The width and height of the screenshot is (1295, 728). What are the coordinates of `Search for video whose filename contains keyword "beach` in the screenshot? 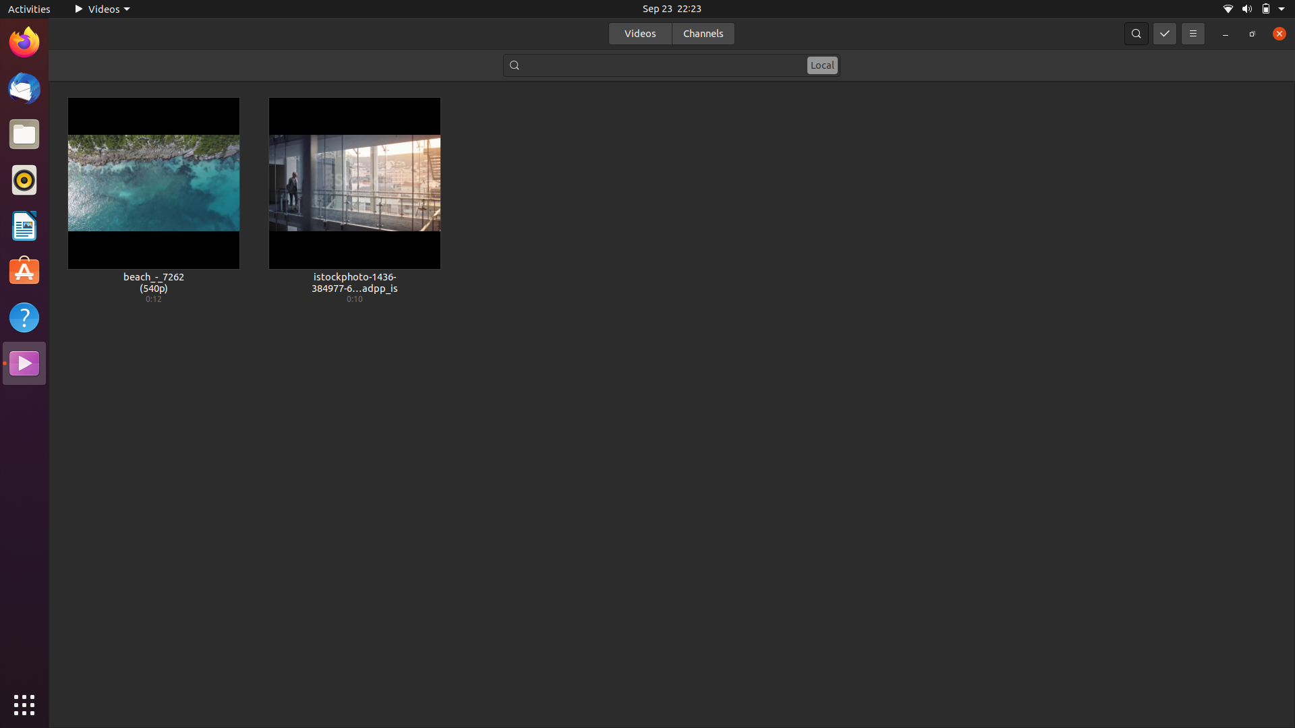 It's located at (672, 64).